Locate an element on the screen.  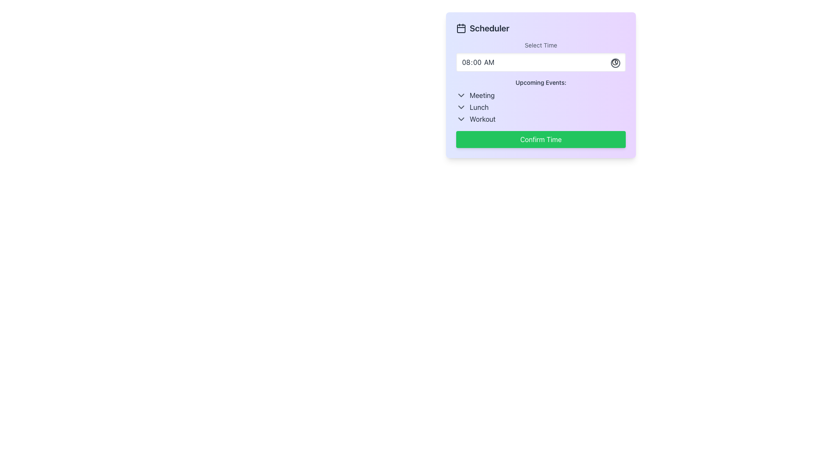
calendar icon located at the top-left of the card interface, which serves as the heading for 'Scheduler' is located at coordinates (461, 28).